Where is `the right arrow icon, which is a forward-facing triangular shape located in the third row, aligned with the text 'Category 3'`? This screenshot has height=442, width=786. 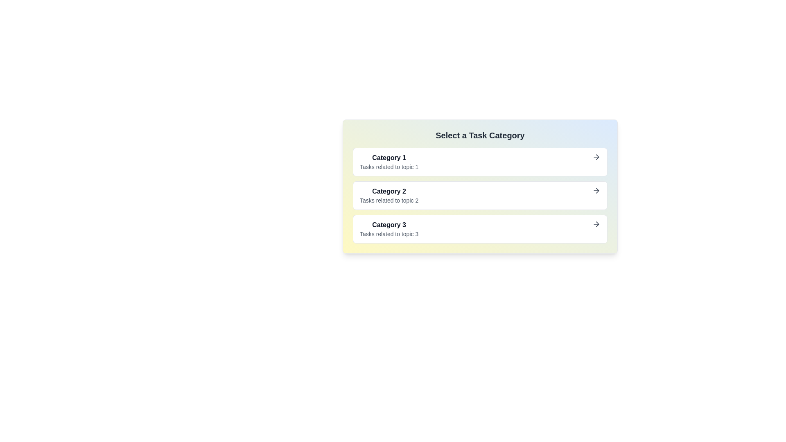 the right arrow icon, which is a forward-facing triangular shape located in the third row, aligned with the text 'Category 3' is located at coordinates (597, 224).